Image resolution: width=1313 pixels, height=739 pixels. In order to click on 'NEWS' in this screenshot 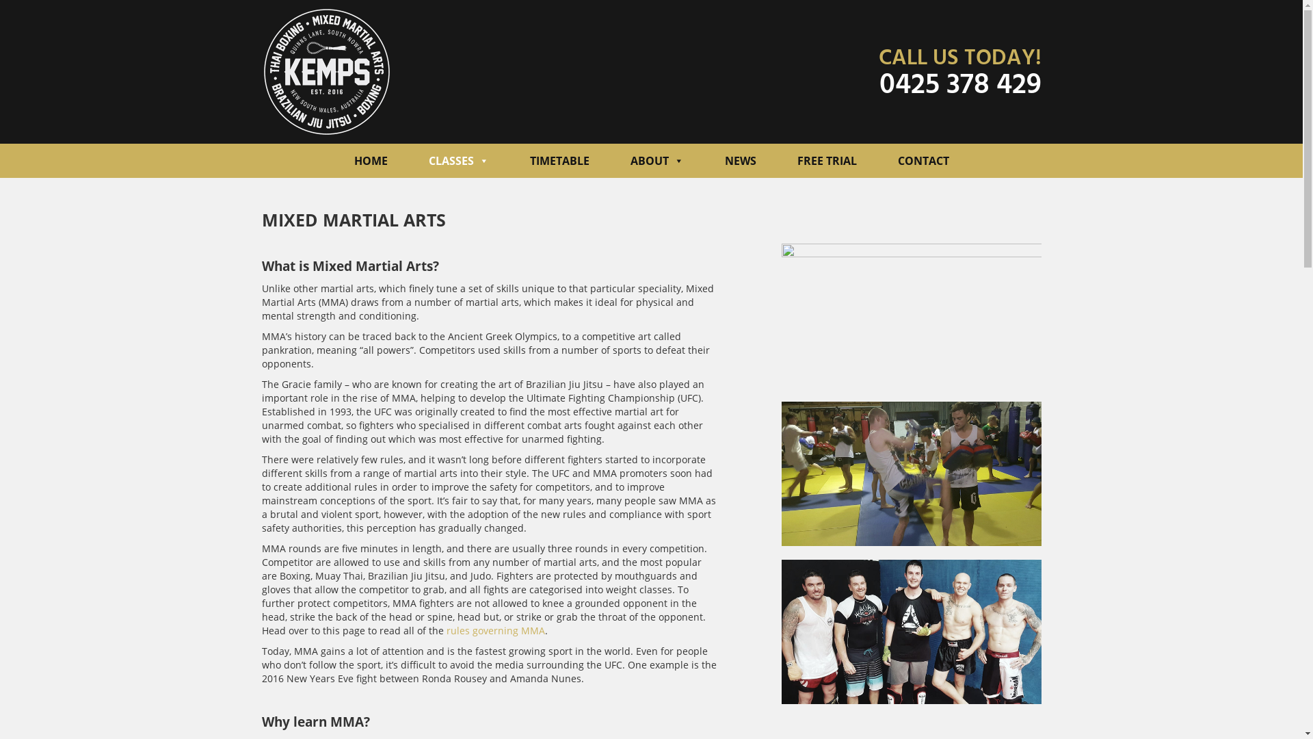, I will do `click(740, 160)`.